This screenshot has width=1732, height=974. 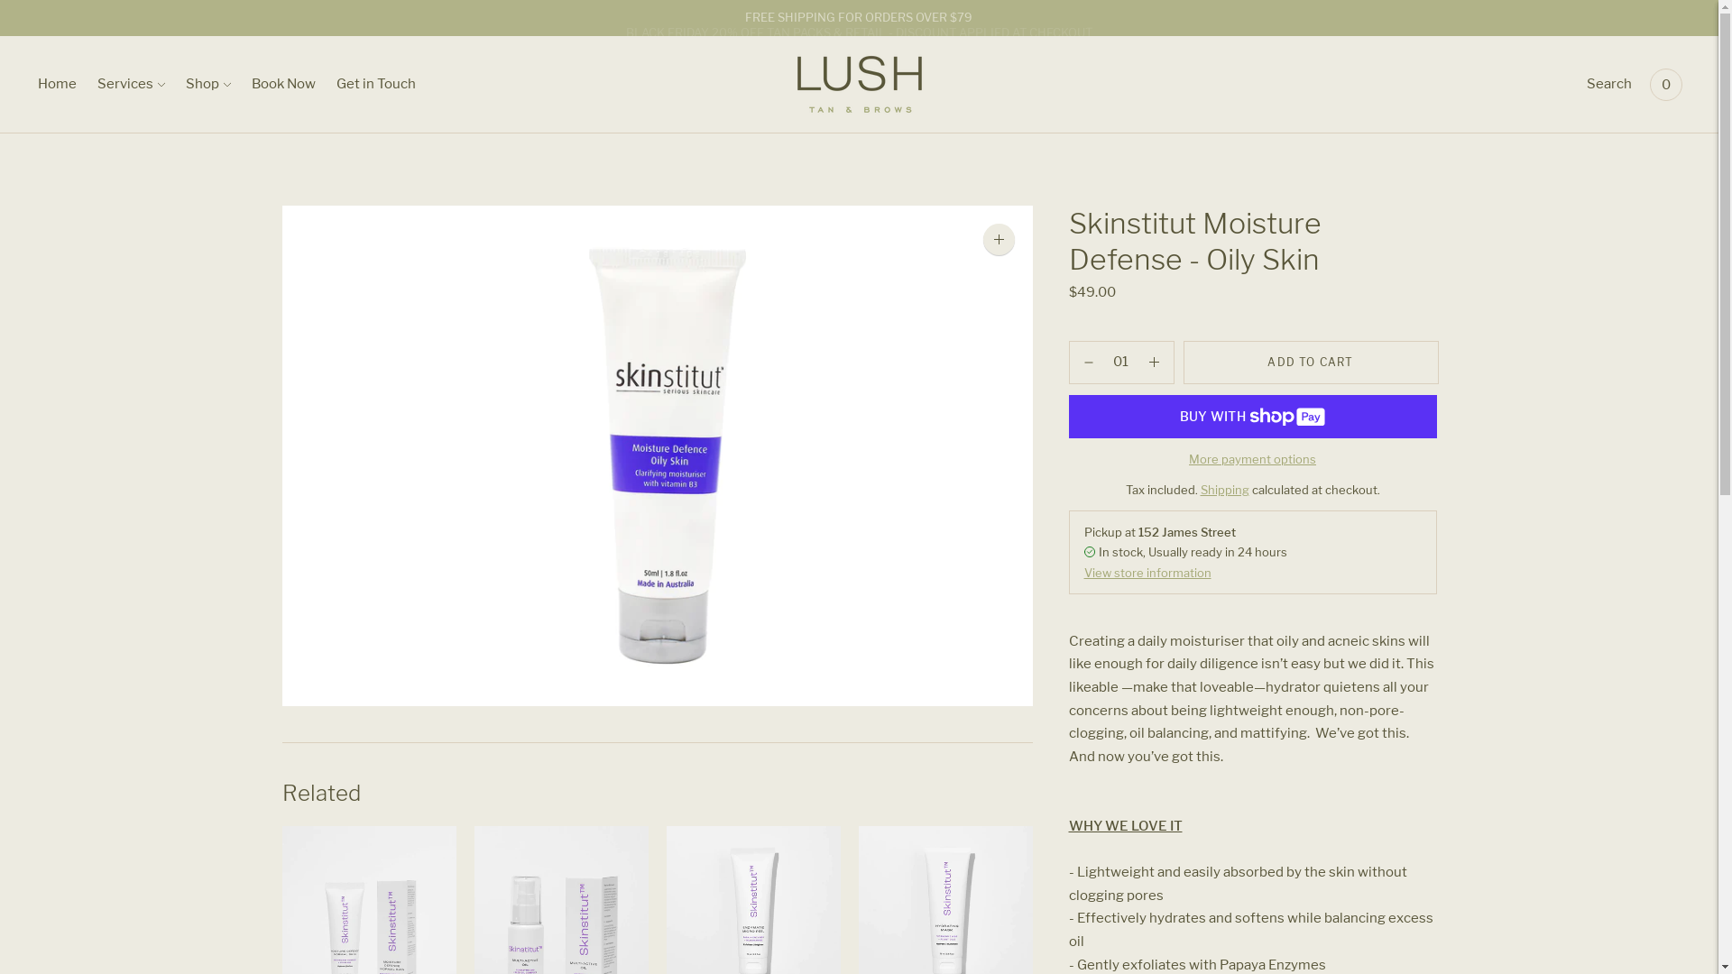 I want to click on 'ADD TO CART', so click(x=1311, y=362).